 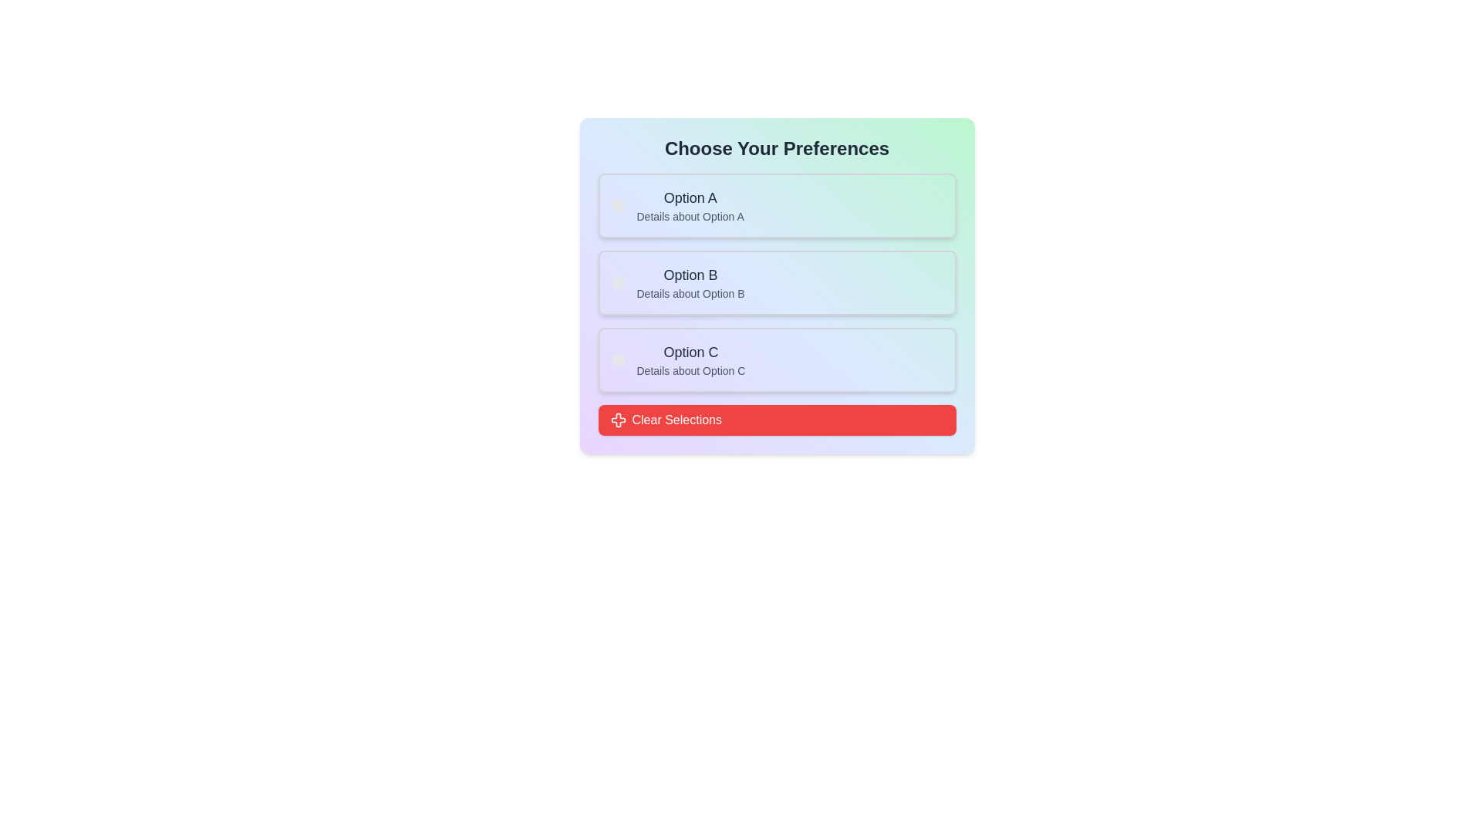 I want to click on the label that displays the title for the first option in the list of preference choices, located above the description label for 'Details about Option A', so click(x=690, y=197).